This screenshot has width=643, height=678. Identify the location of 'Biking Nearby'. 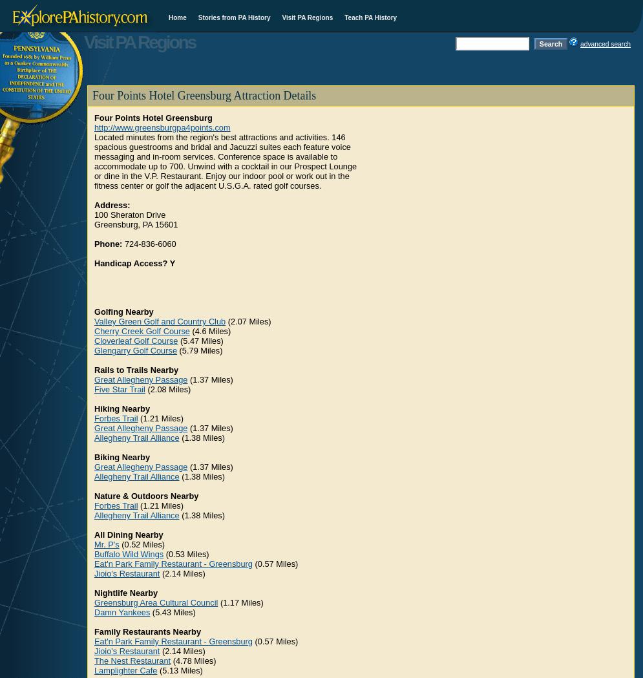
(121, 457).